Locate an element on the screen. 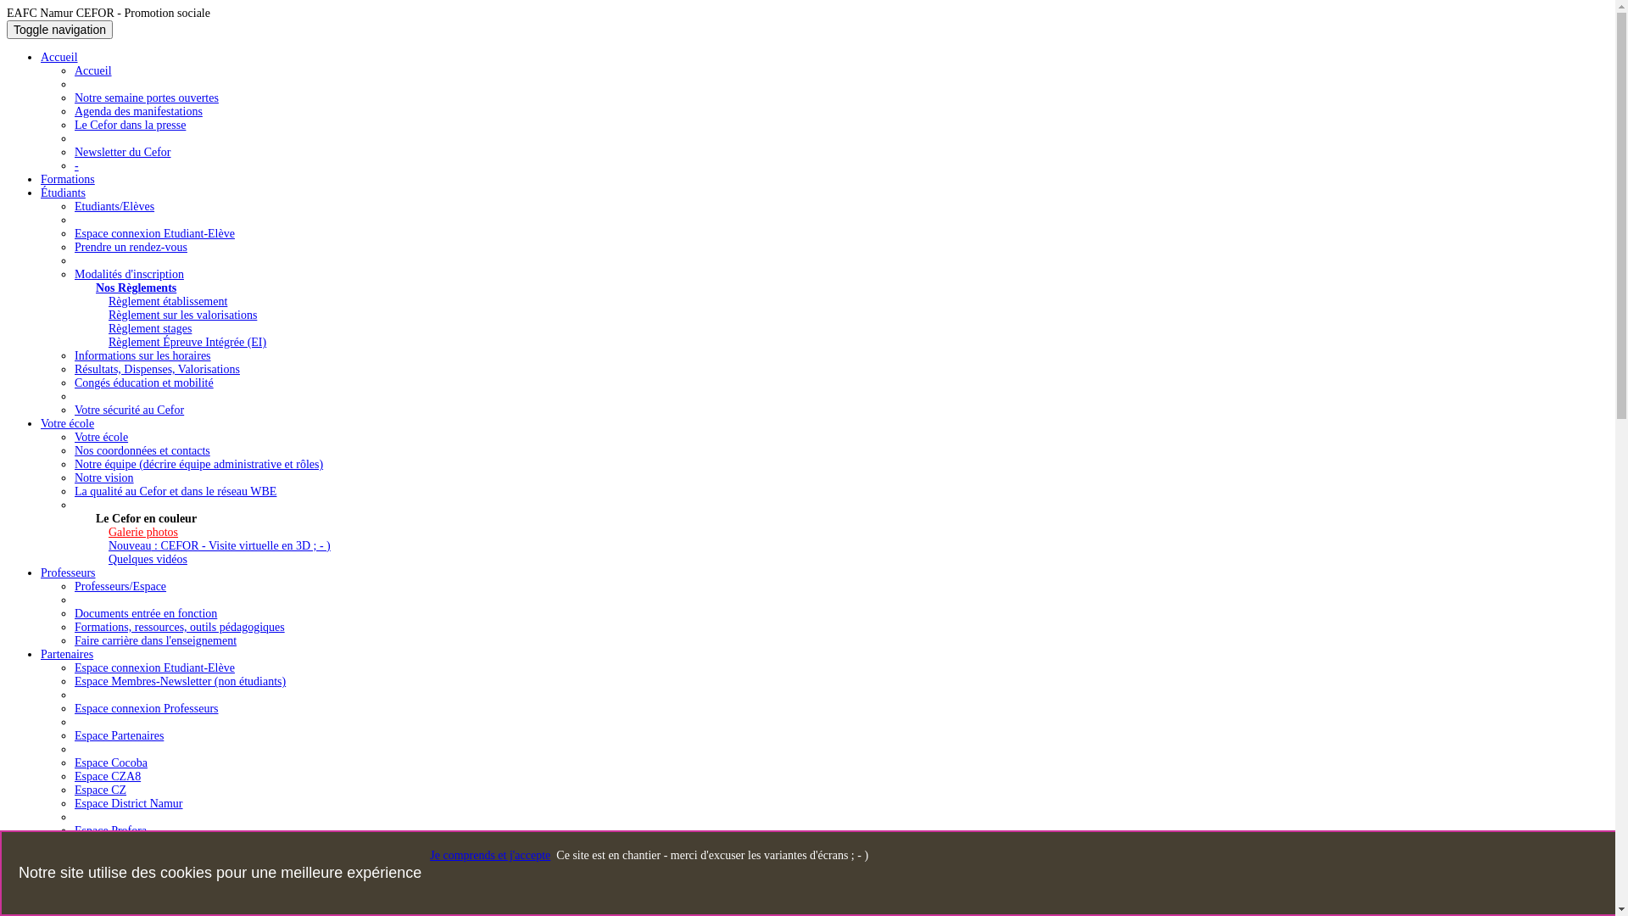 This screenshot has width=1628, height=916. 'Nouveau : CEFOR - Visite virtuelle en 3D ; - )' is located at coordinates (219, 545).